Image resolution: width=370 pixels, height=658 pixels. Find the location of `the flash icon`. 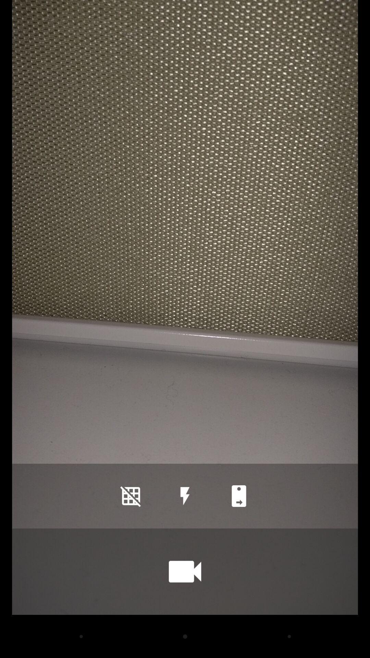

the flash icon is located at coordinates (185, 496).